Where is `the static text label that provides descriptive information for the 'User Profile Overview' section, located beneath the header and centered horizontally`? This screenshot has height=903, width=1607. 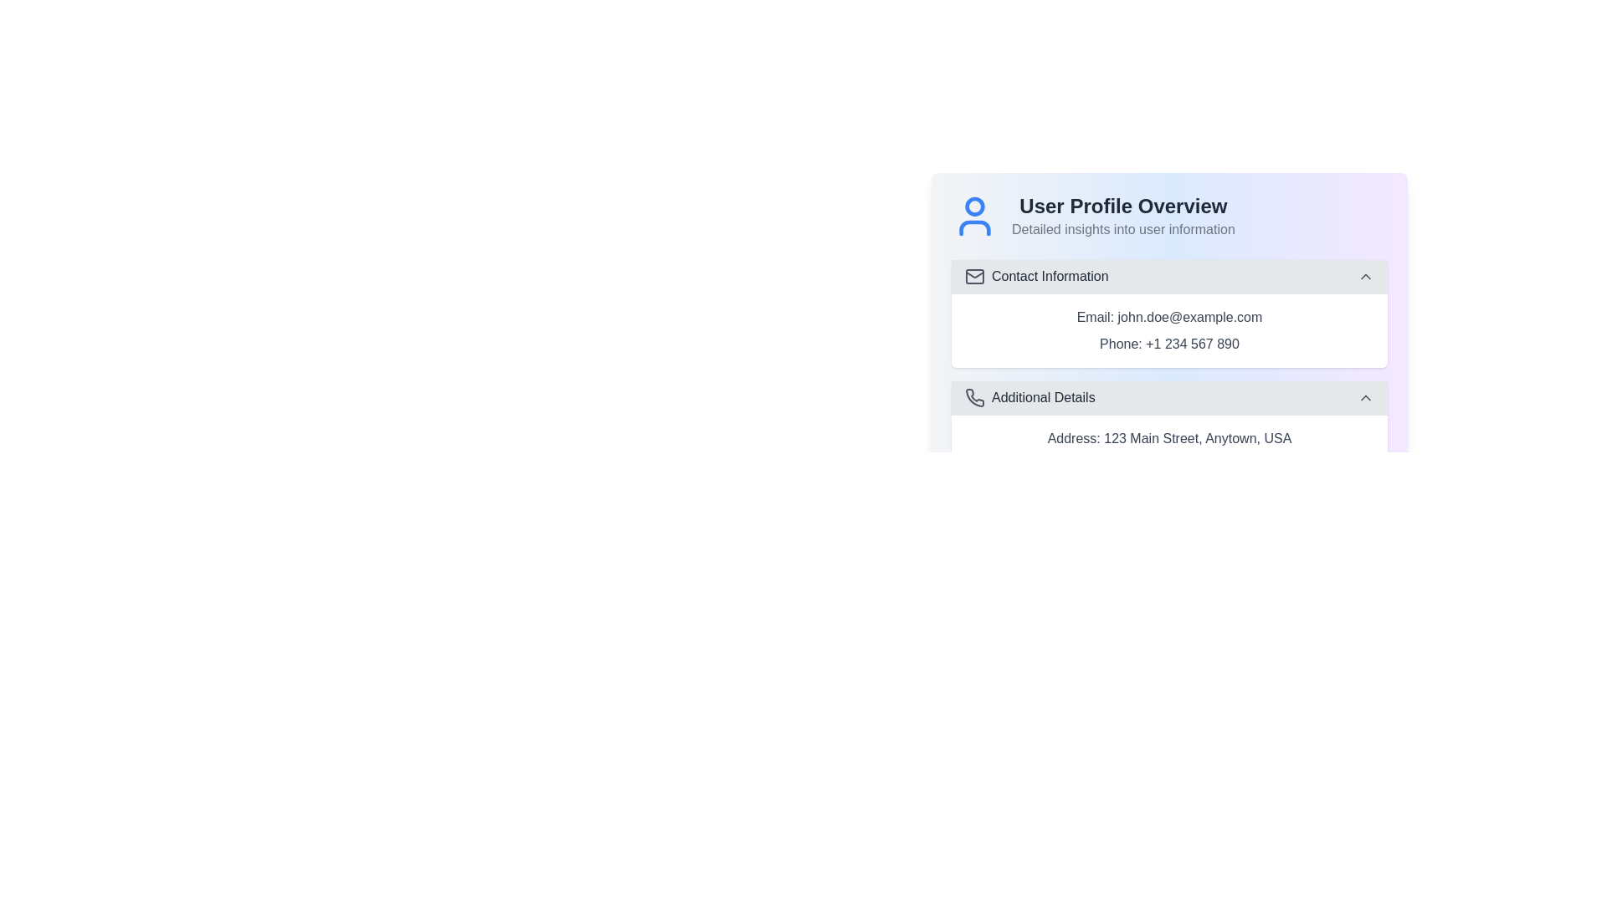 the static text label that provides descriptive information for the 'User Profile Overview' section, located beneath the header and centered horizontally is located at coordinates (1123, 229).